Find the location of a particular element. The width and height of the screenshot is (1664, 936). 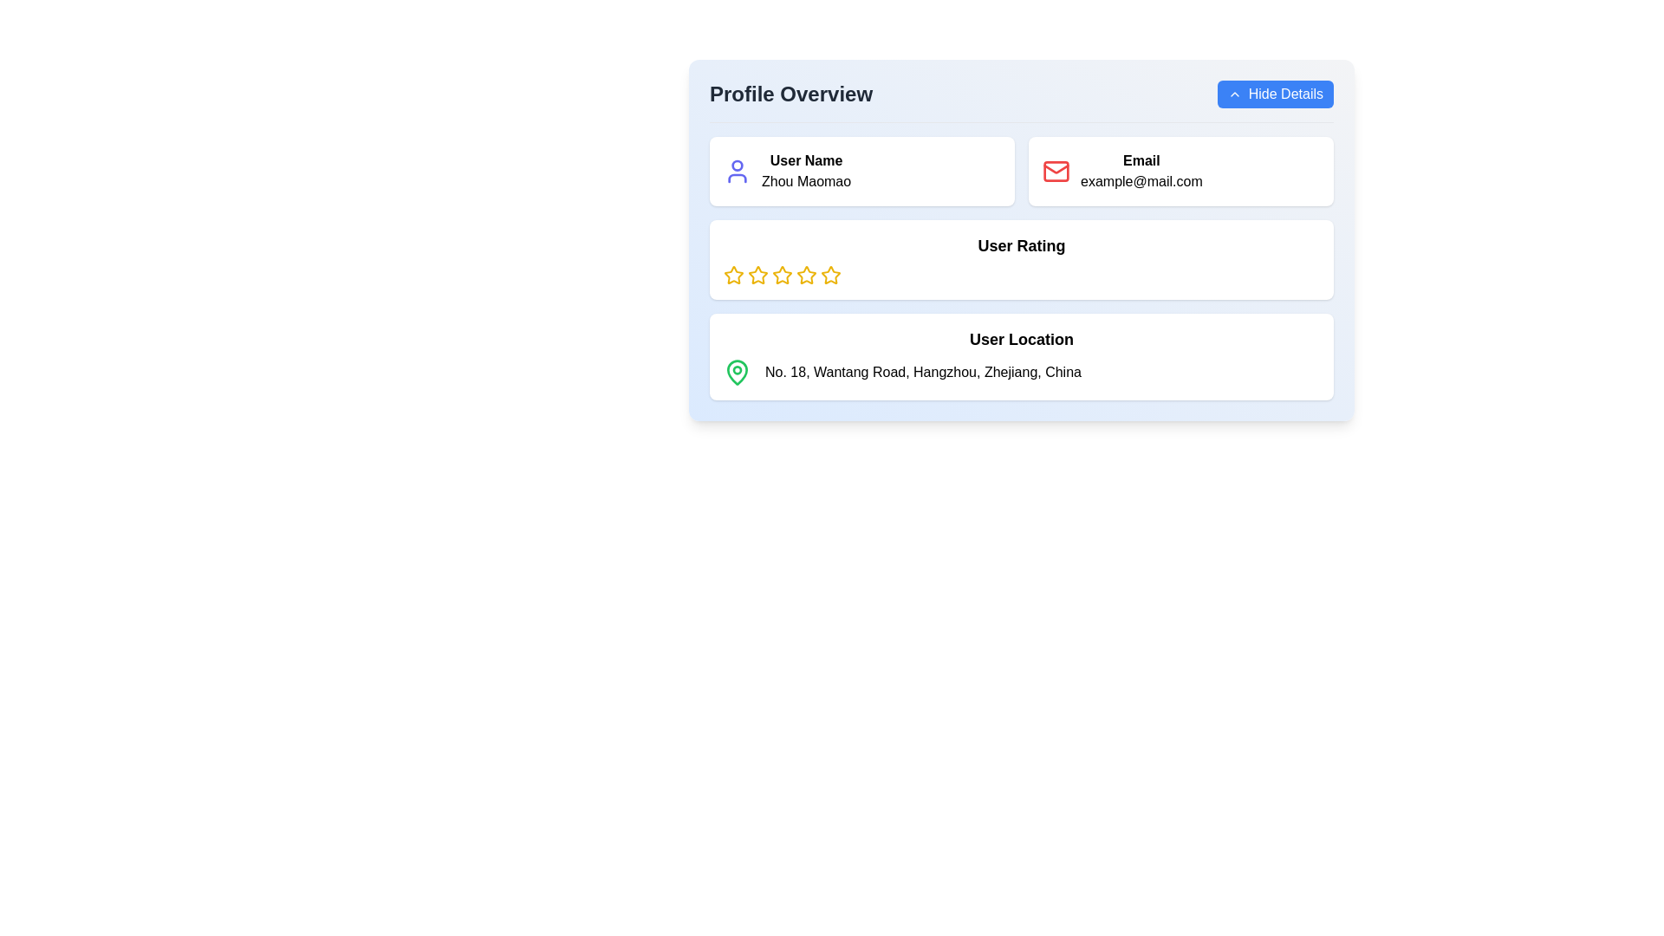

on the fourth star icon in the 'User Rating' section is located at coordinates (806, 274).